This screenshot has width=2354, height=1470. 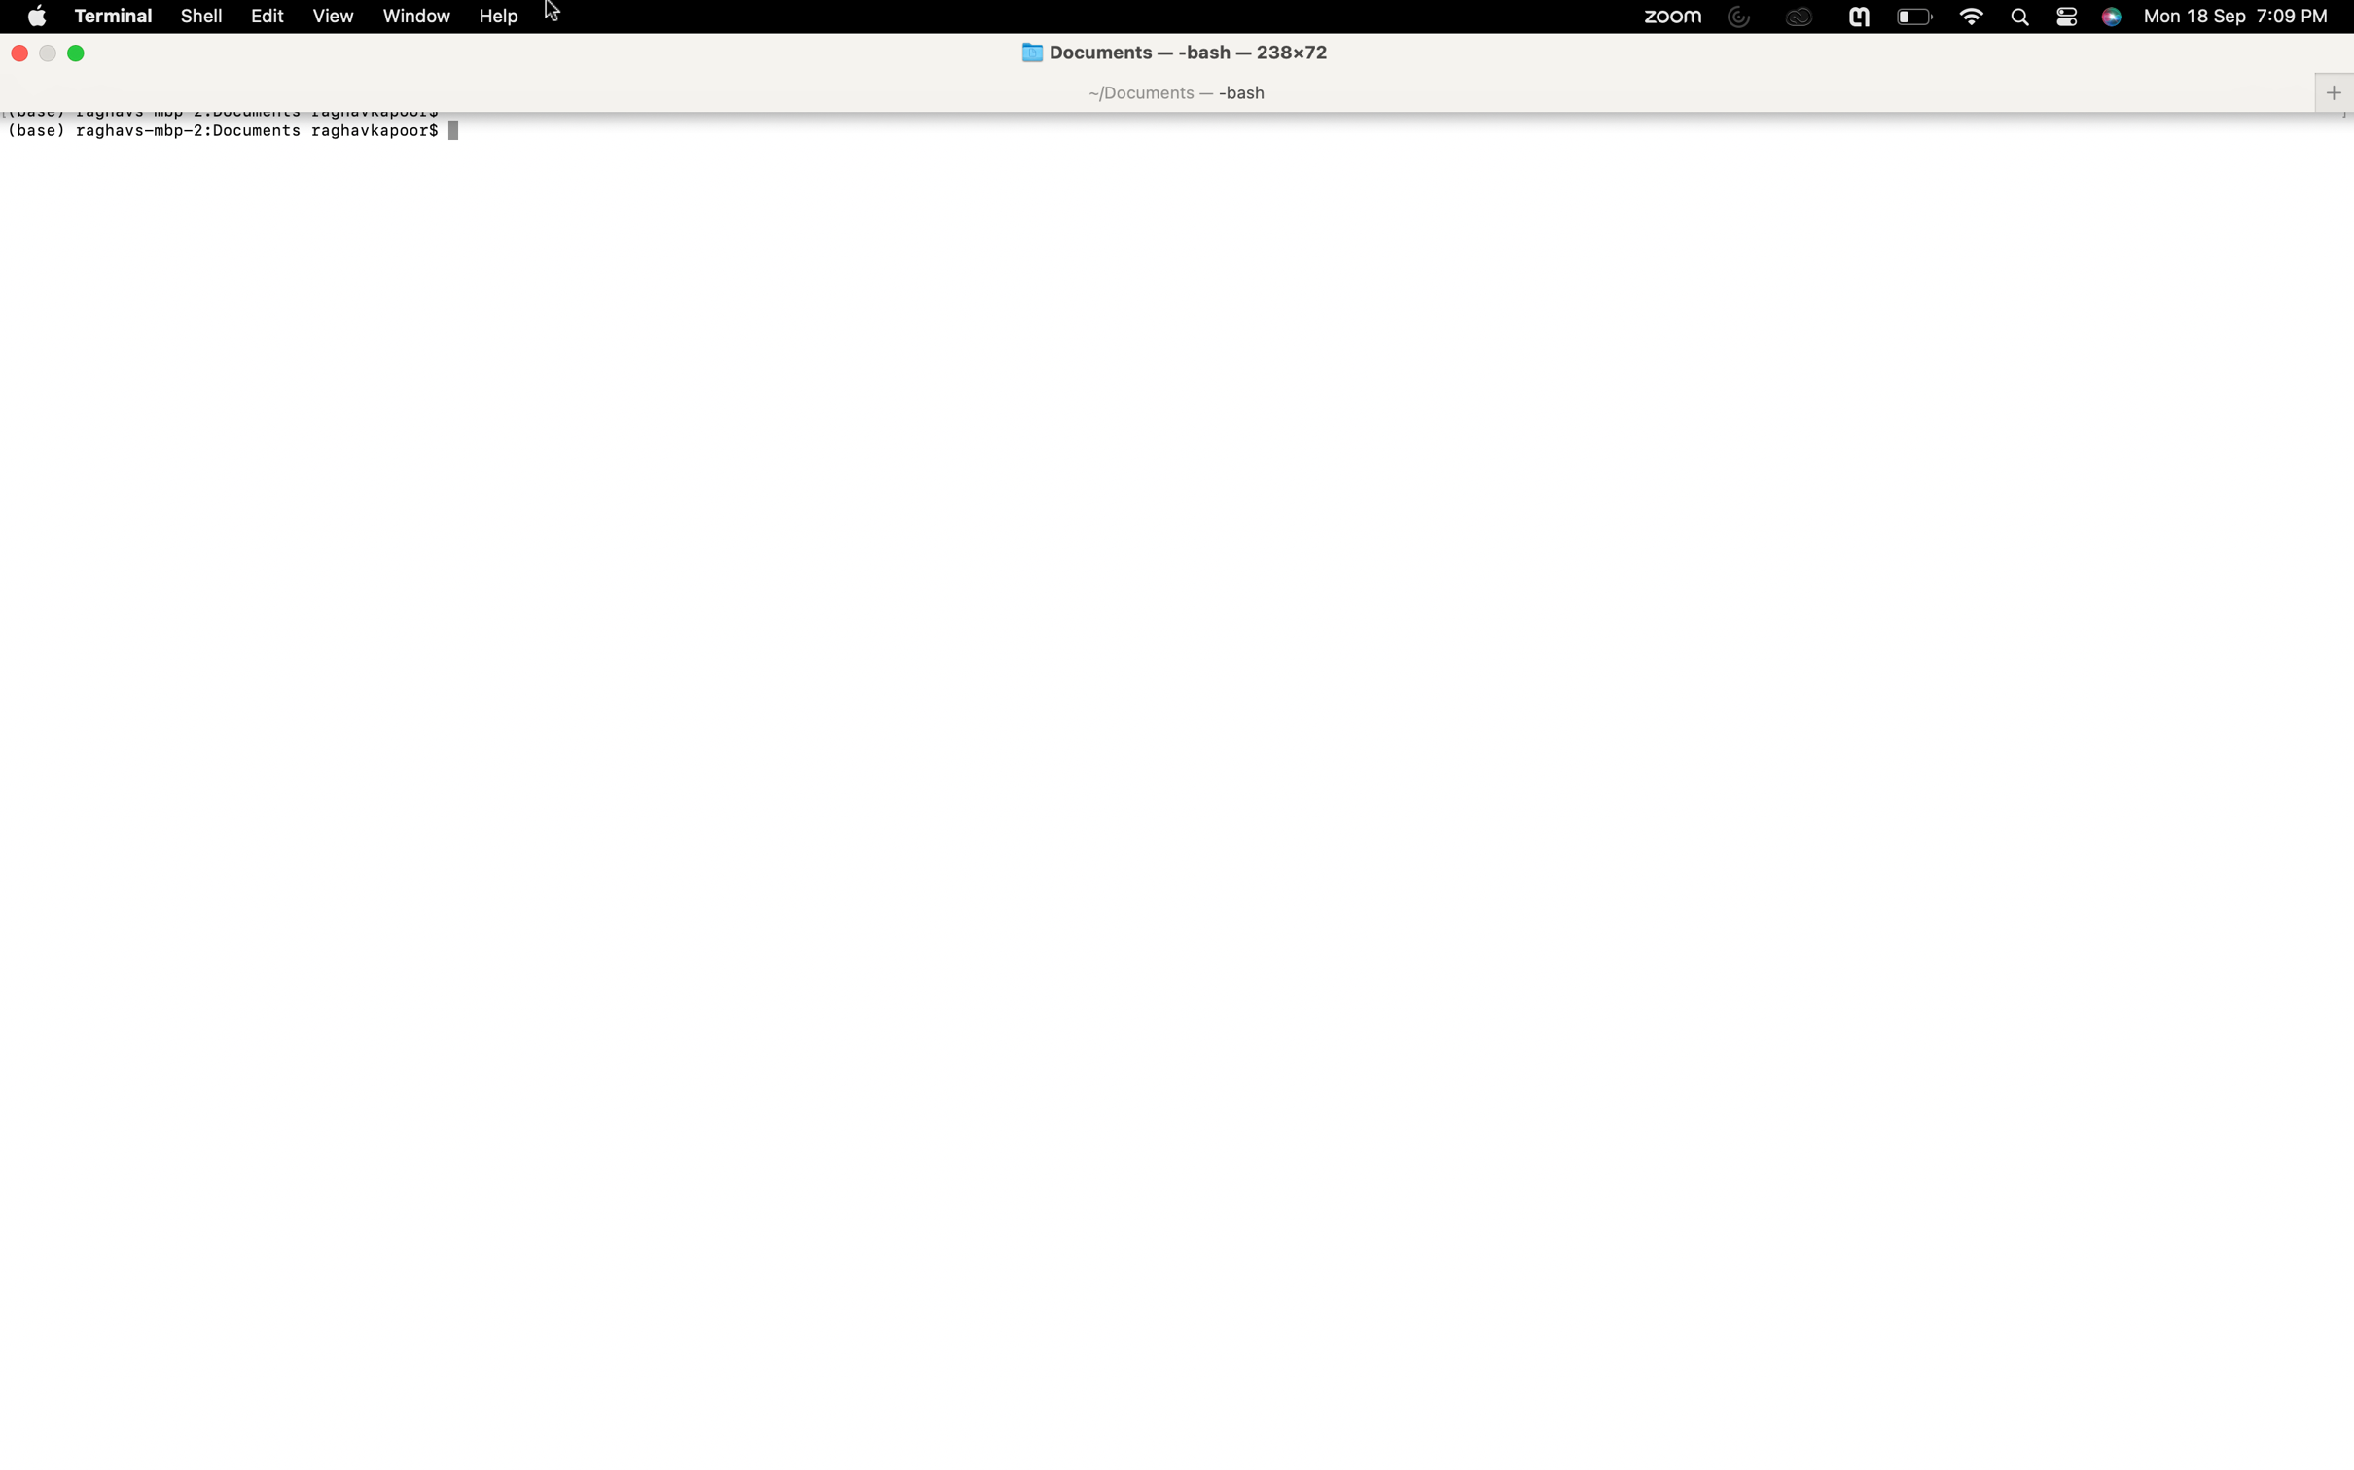 I want to click on the green icon to leave full screen mode, so click(x=74, y=52).